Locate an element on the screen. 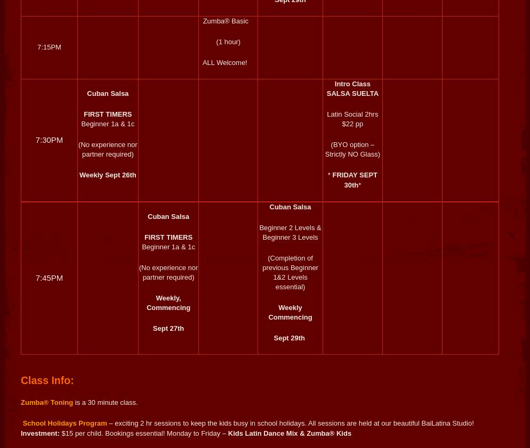 This screenshot has width=530, height=448. '$15 per child. Bookings essential! Monday to Friday' is located at coordinates (59, 433).